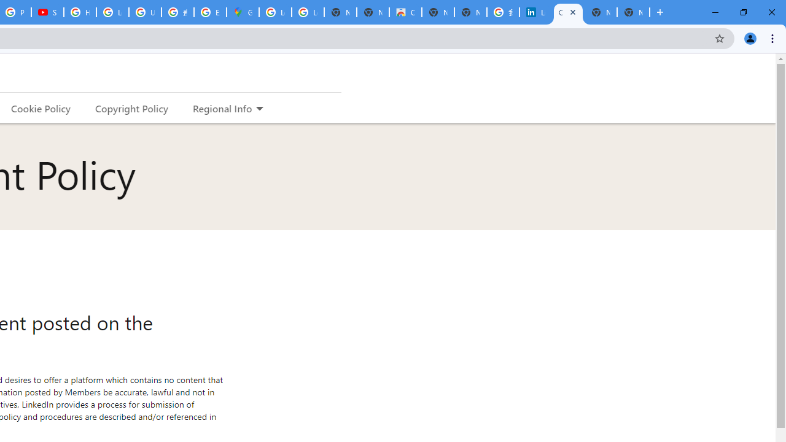  I want to click on 'Google Maps', so click(243, 12).